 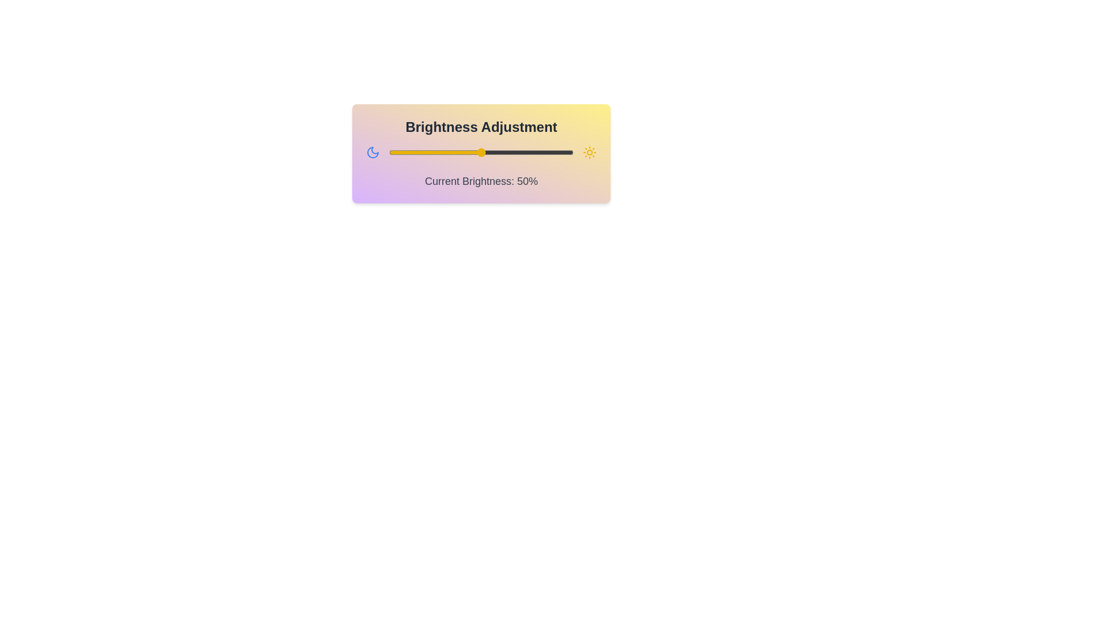 What do you see at coordinates (498, 152) in the screenshot?
I see `the brightness slider to 59%` at bounding box center [498, 152].